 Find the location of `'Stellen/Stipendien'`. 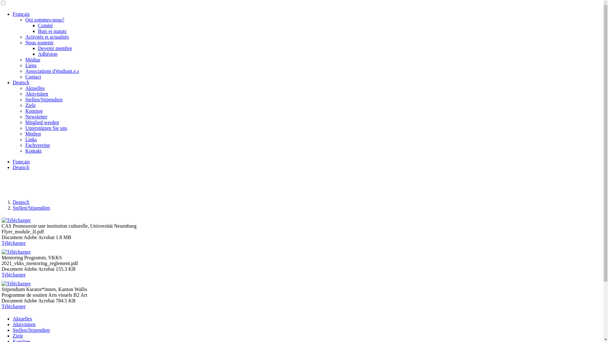

'Stellen/Stipendien' is located at coordinates (31, 208).